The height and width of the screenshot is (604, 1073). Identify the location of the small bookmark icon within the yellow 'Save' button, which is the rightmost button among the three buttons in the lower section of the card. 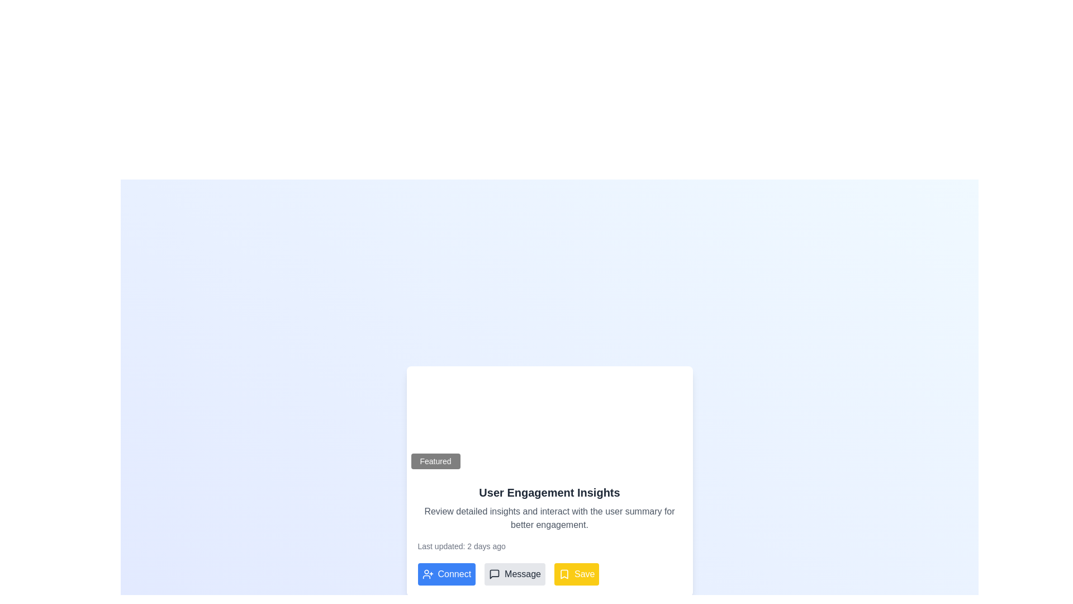
(564, 574).